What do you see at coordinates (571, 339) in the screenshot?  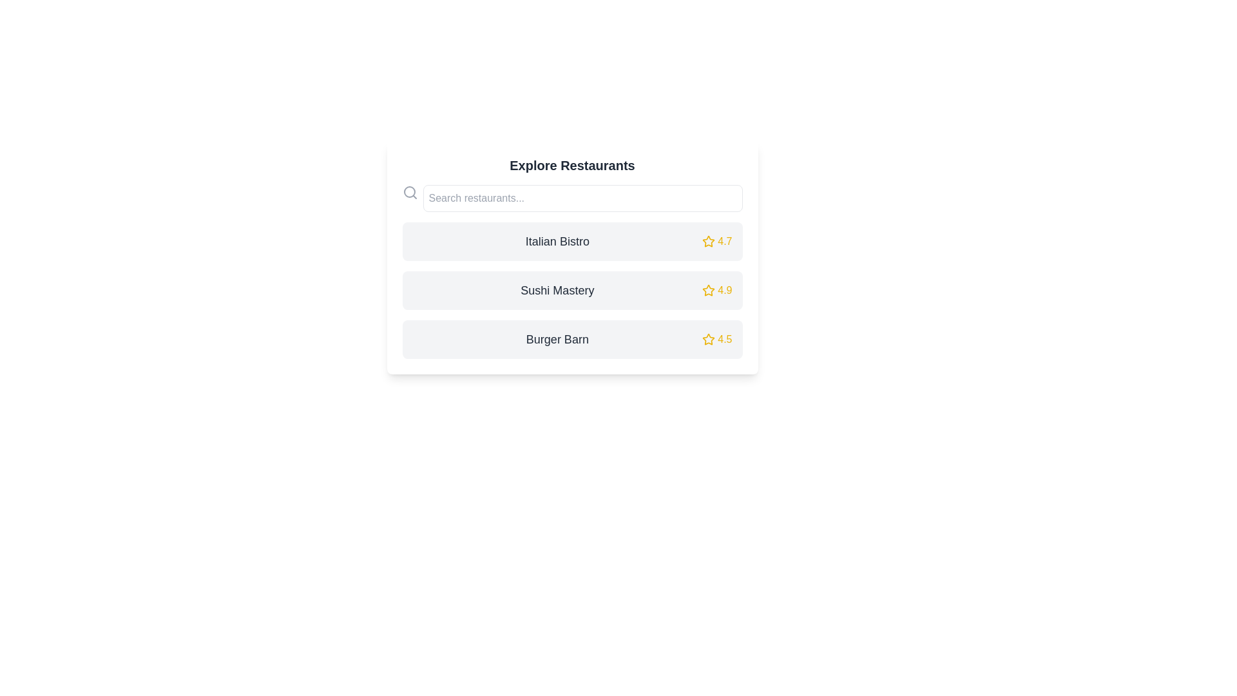 I see `the third restaurant listing in the vertical list, which displays the restaurant's name and rating` at bounding box center [571, 339].